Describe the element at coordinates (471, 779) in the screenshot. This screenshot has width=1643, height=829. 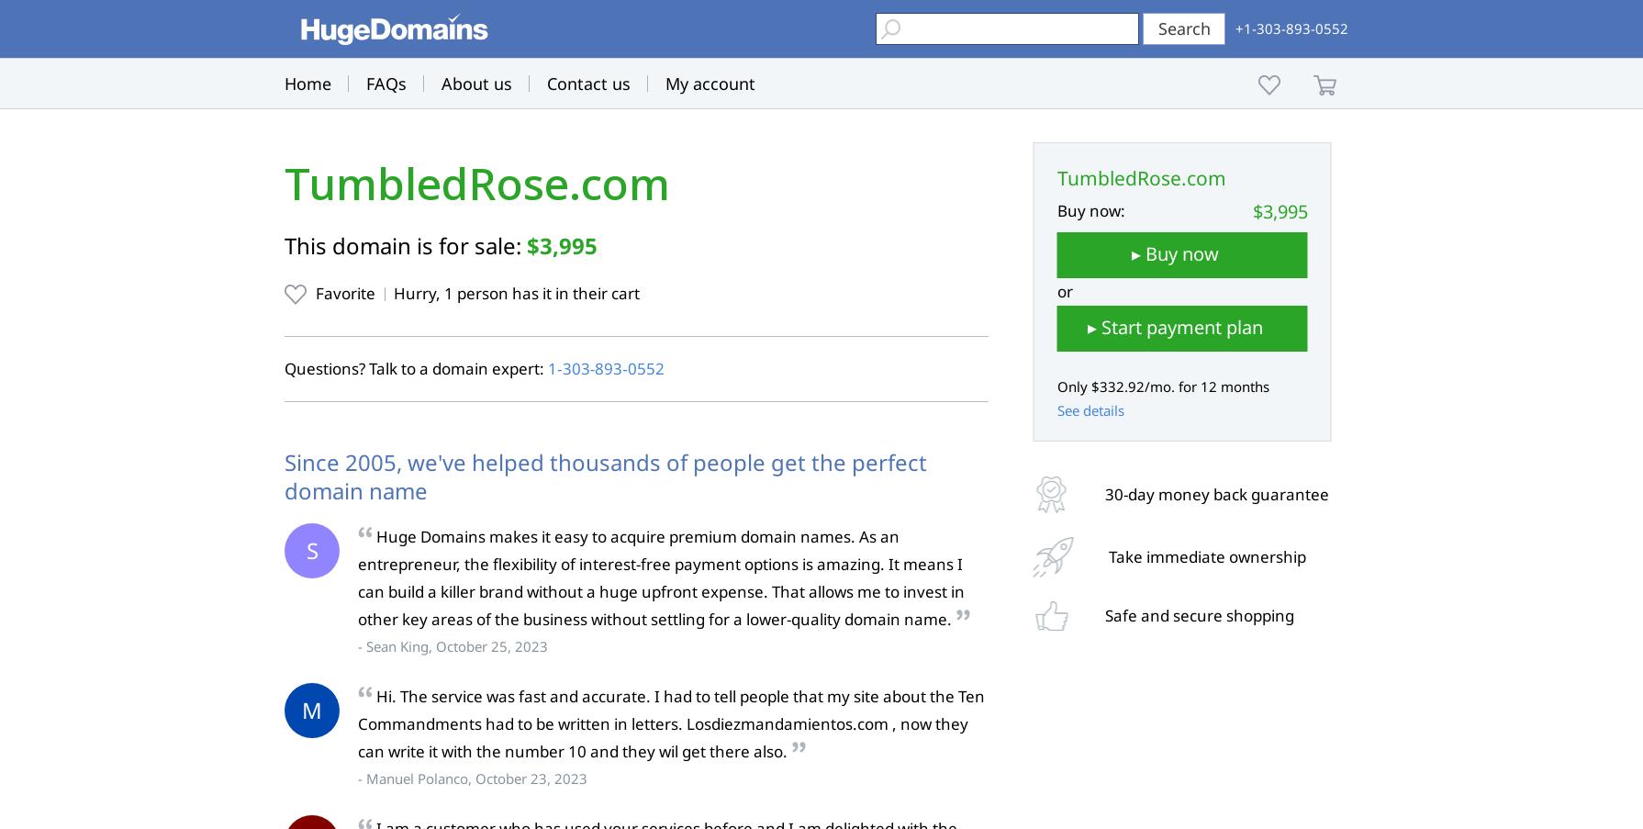
I see `'- Manuel Polanco, October 23, 2023'` at that location.